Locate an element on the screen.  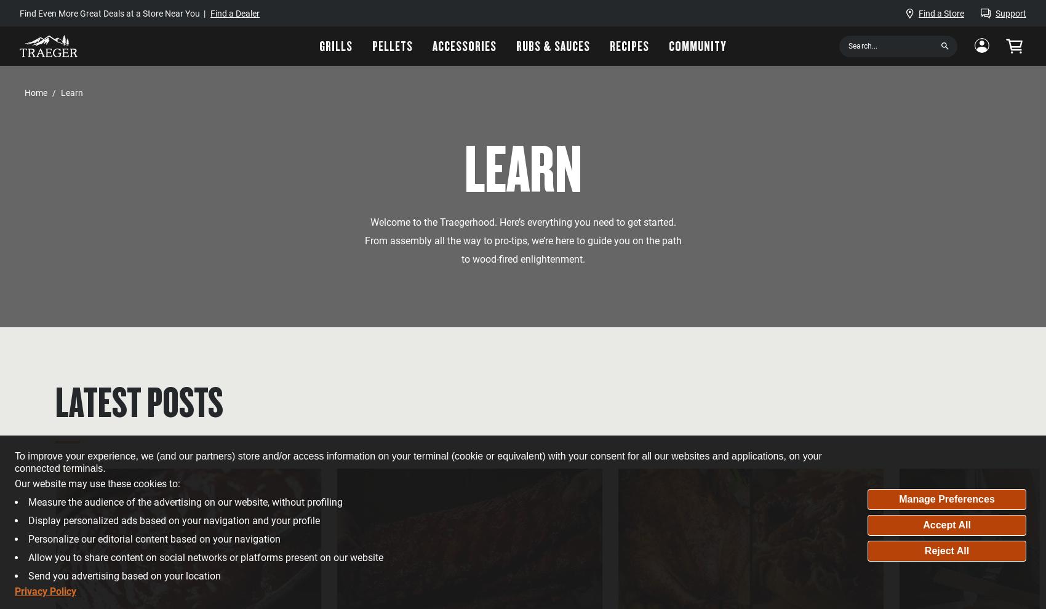
'Grills' is located at coordinates (335, 45).